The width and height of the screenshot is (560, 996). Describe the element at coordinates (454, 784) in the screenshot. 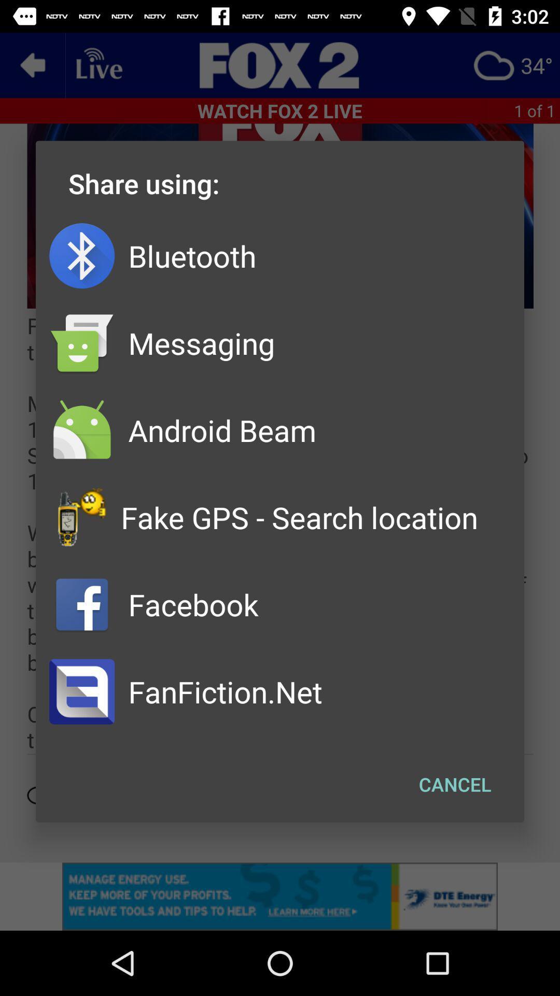

I see `button at the bottom right corner` at that location.